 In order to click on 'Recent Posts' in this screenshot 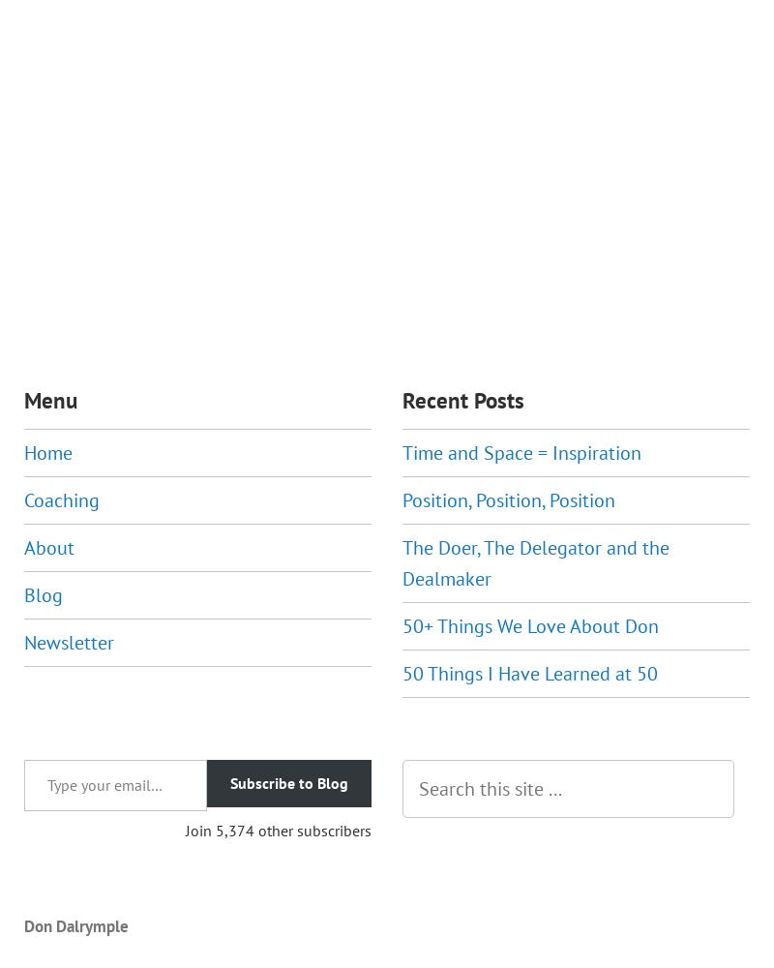, I will do `click(463, 399)`.